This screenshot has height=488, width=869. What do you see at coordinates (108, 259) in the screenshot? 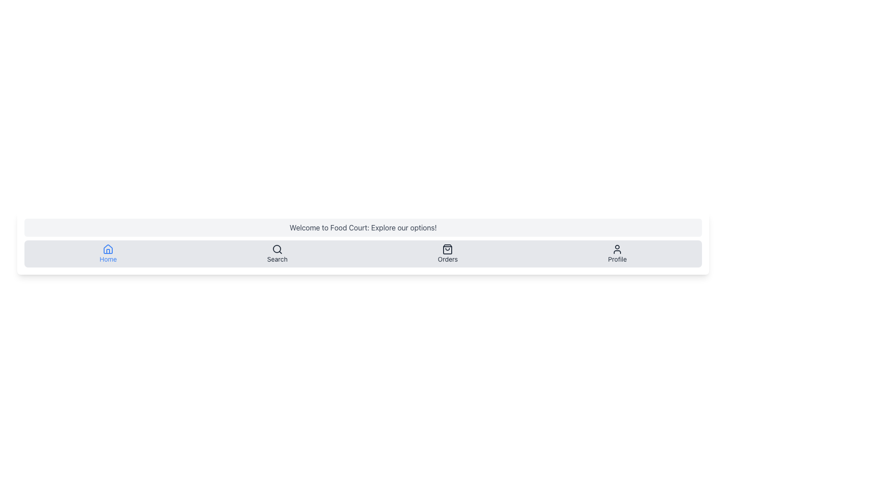
I see `the 'Home' text label in the bottom navigation bar, which is styled in small-sized blue font and positioned beneath the house icon` at bounding box center [108, 259].